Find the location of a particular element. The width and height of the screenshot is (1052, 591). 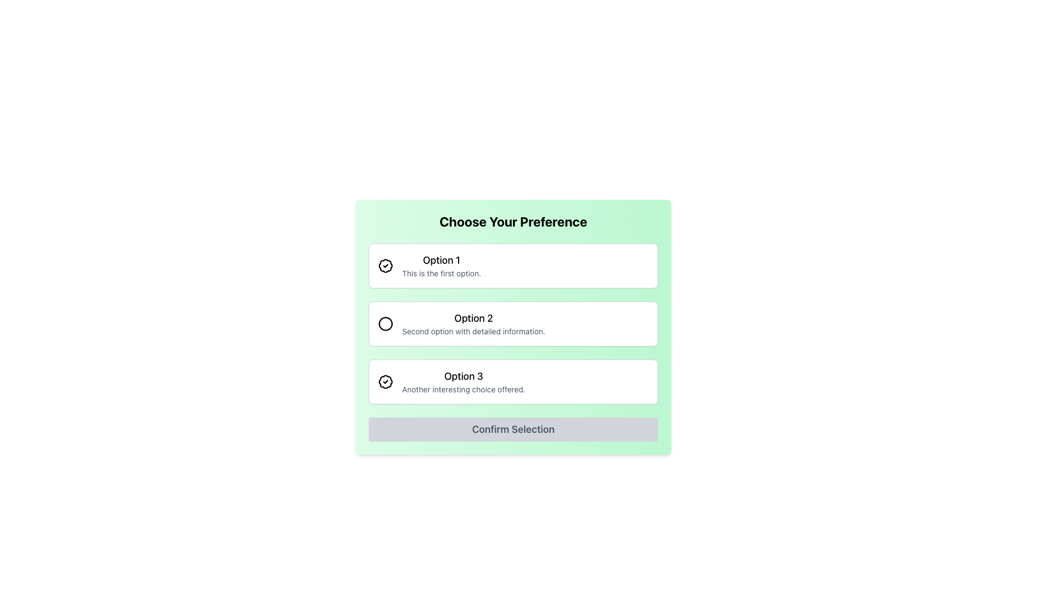

the list item labeled 'Option 2' which has a bold heading and an icon on the left side is located at coordinates (512, 323).